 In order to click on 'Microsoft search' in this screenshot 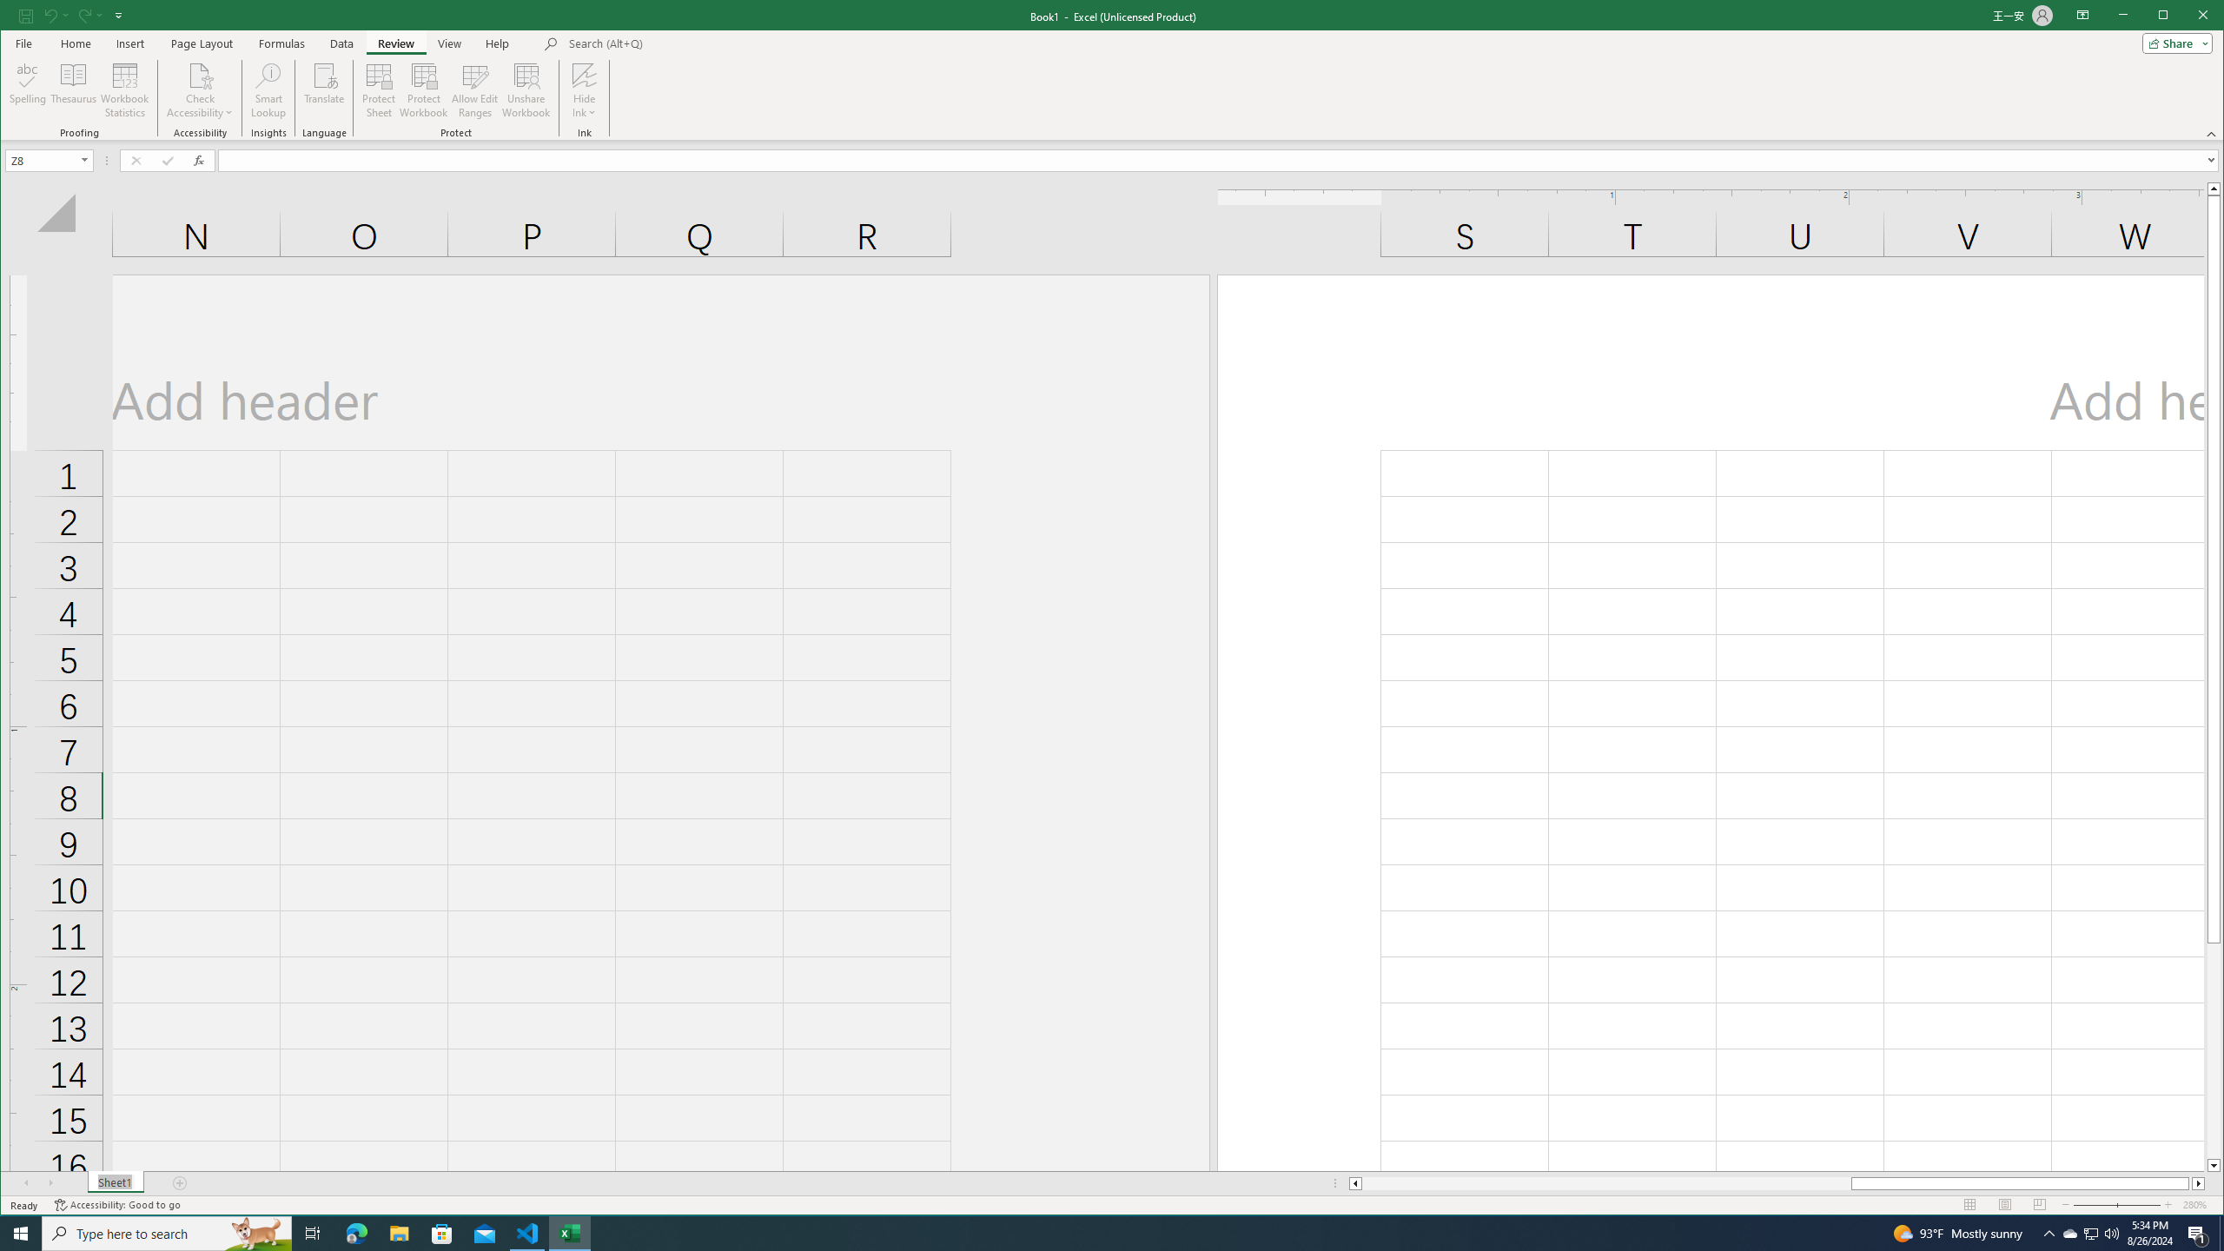, I will do `click(688, 43)`.